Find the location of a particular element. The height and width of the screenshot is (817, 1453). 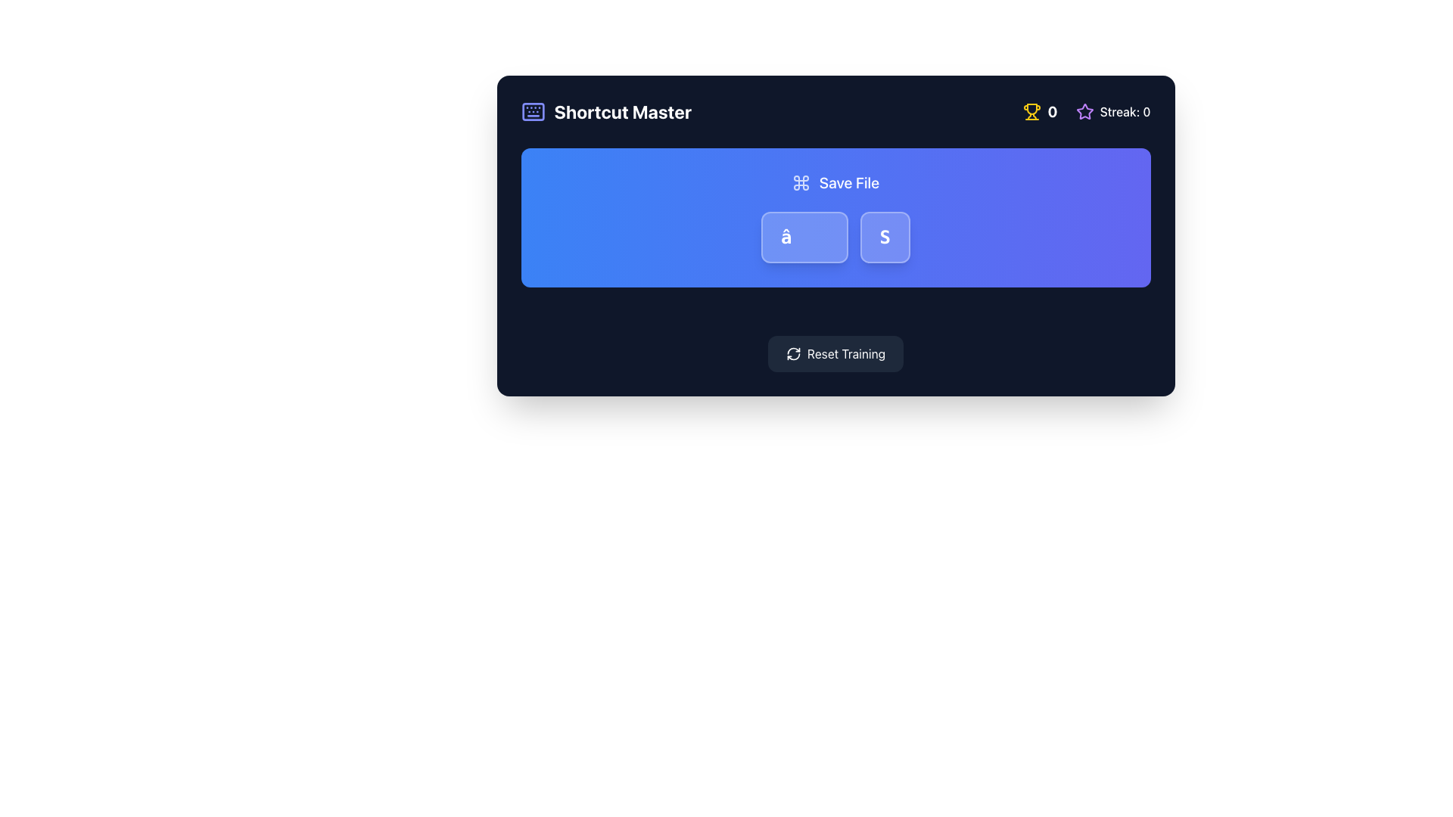

the text label displaying 'Streak: 0', which is styled in white font and positioned to the right of a purple star-shaped icon is located at coordinates (1125, 110).